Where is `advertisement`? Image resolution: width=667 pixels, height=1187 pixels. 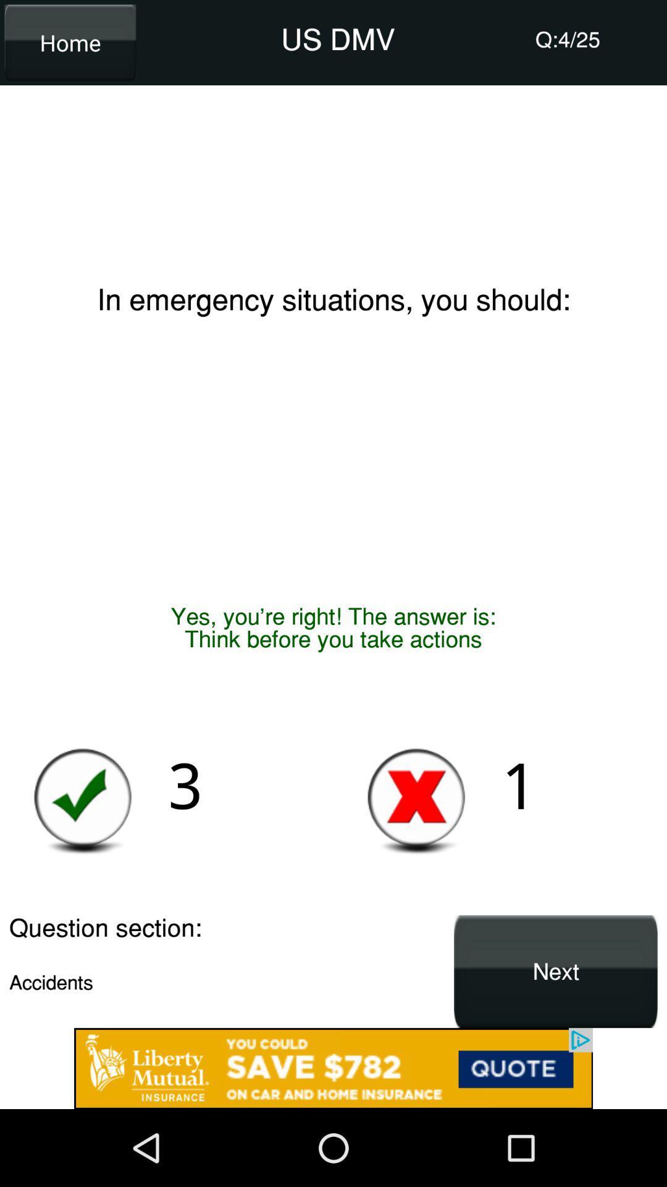 advertisement is located at coordinates (333, 1068).